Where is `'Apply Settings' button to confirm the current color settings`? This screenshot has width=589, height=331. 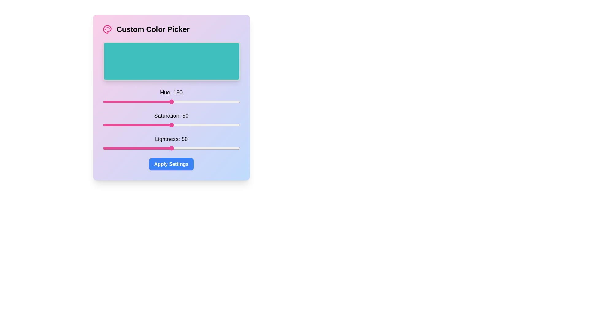 'Apply Settings' button to confirm the current color settings is located at coordinates (171, 164).